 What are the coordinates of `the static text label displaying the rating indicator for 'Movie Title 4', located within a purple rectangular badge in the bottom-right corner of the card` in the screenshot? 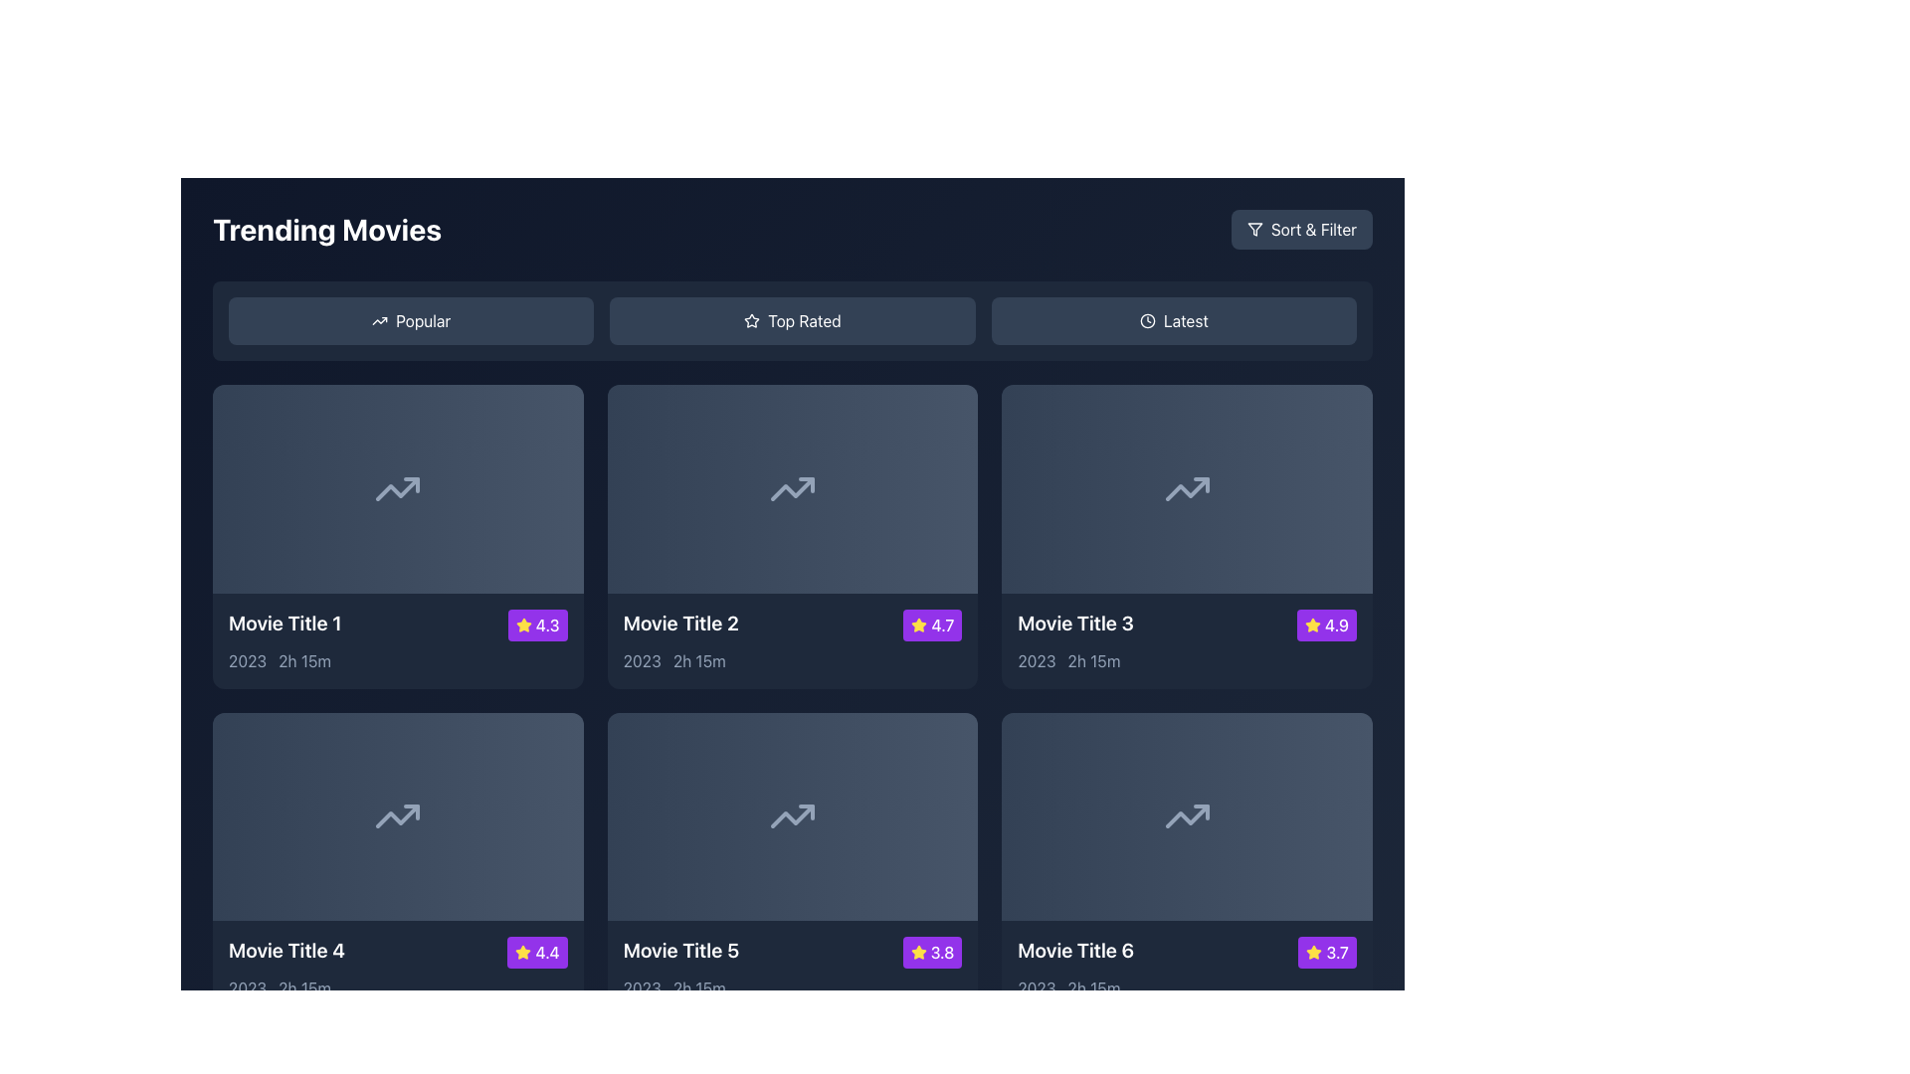 It's located at (547, 952).